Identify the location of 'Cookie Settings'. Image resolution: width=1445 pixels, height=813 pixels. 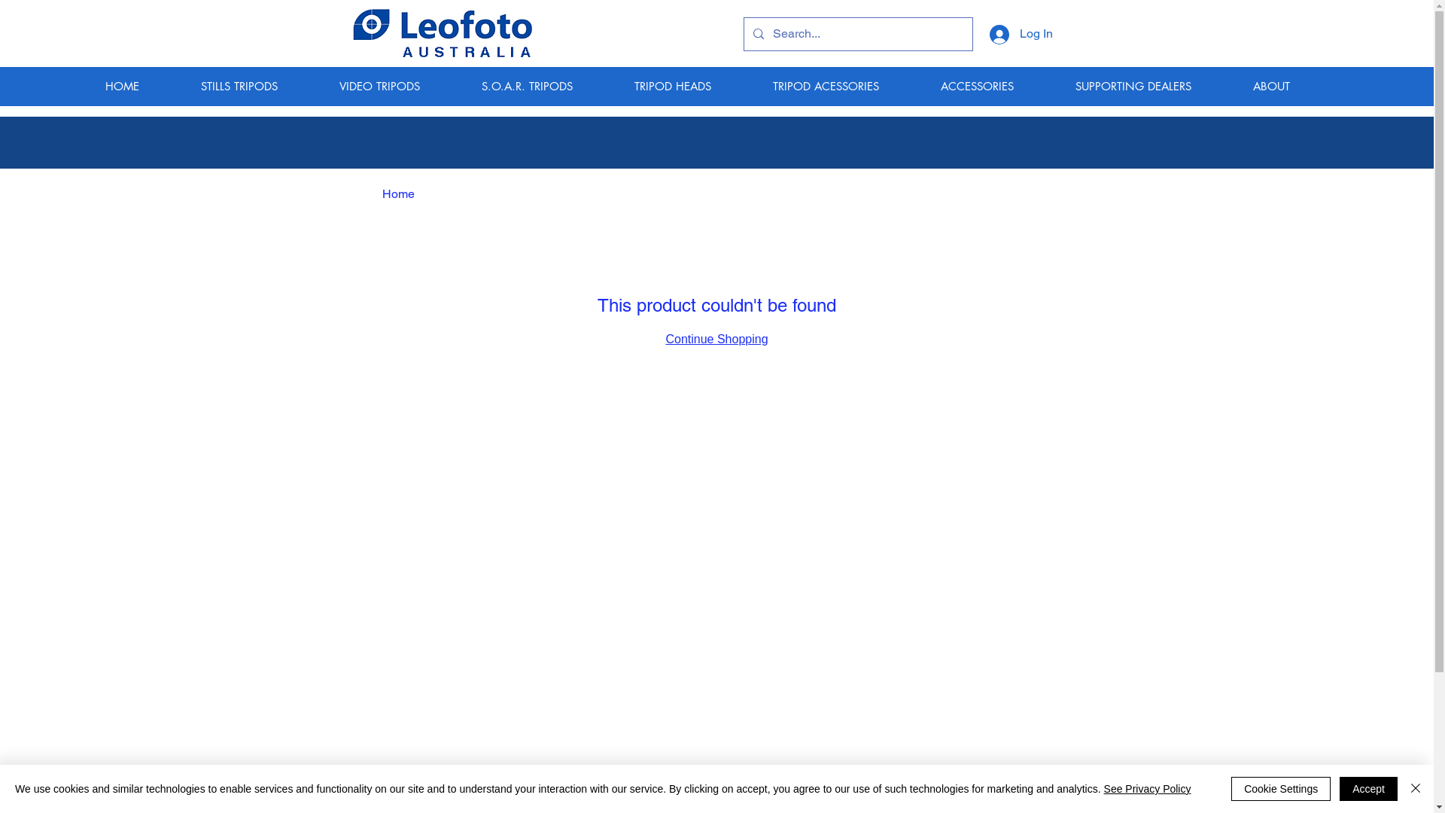
(1280, 788).